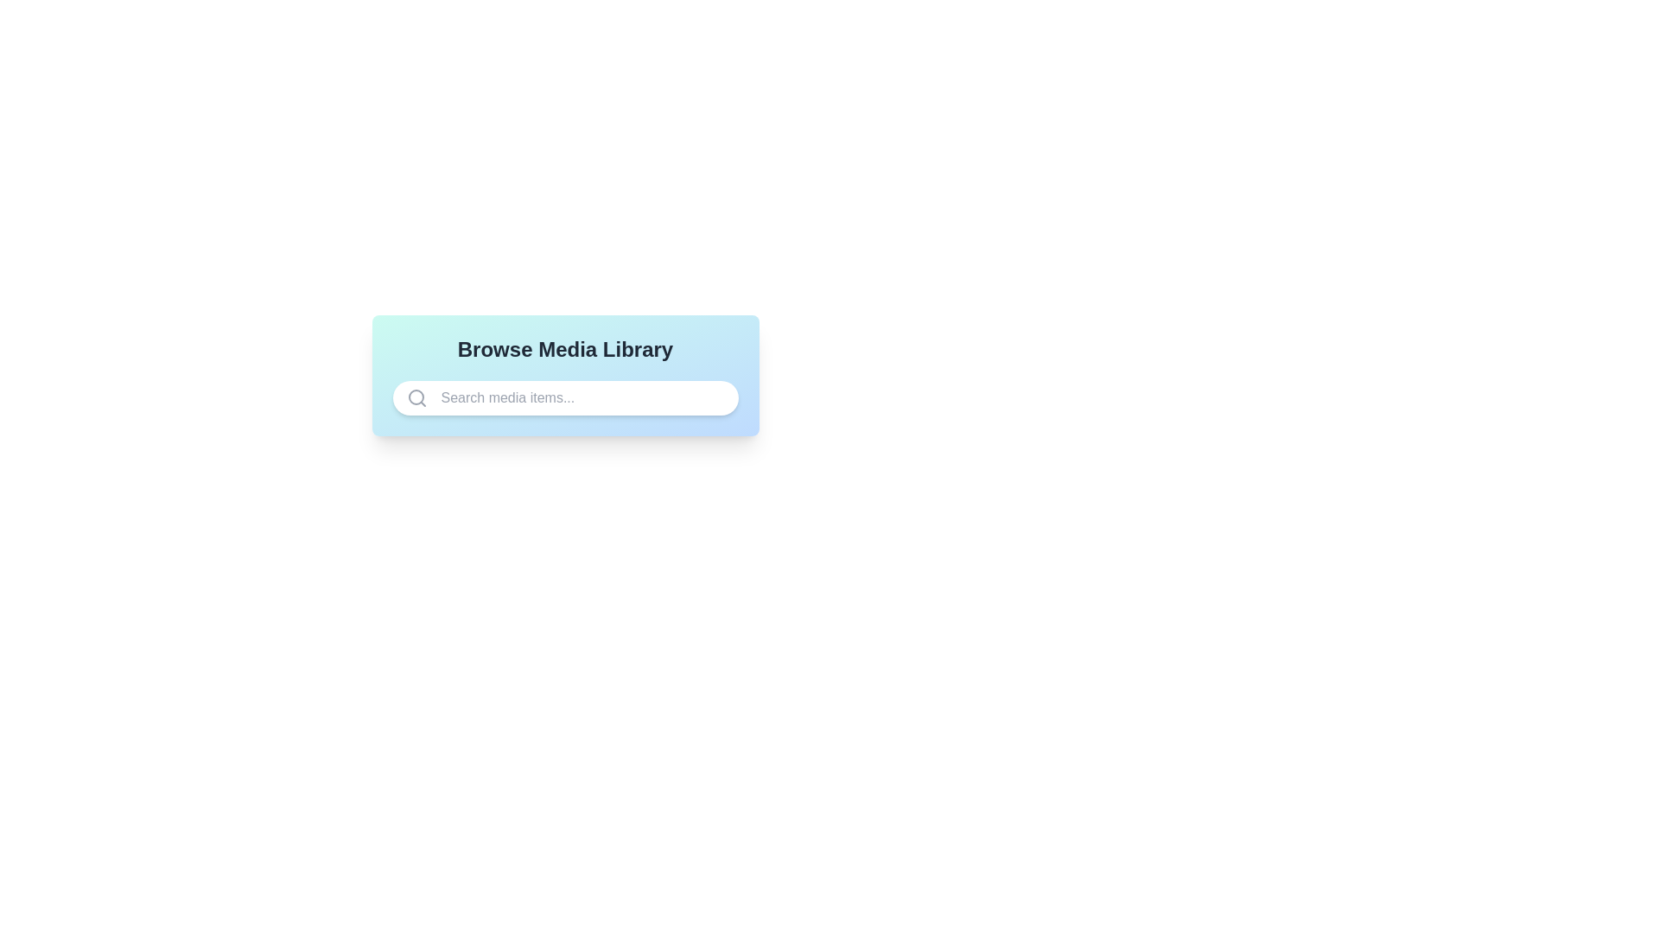  What do you see at coordinates (416, 398) in the screenshot?
I see `the small gray magnifying glass icon, which is positioned to the left of the text input field, to trigger a tooltip or effect` at bounding box center [416, 398].